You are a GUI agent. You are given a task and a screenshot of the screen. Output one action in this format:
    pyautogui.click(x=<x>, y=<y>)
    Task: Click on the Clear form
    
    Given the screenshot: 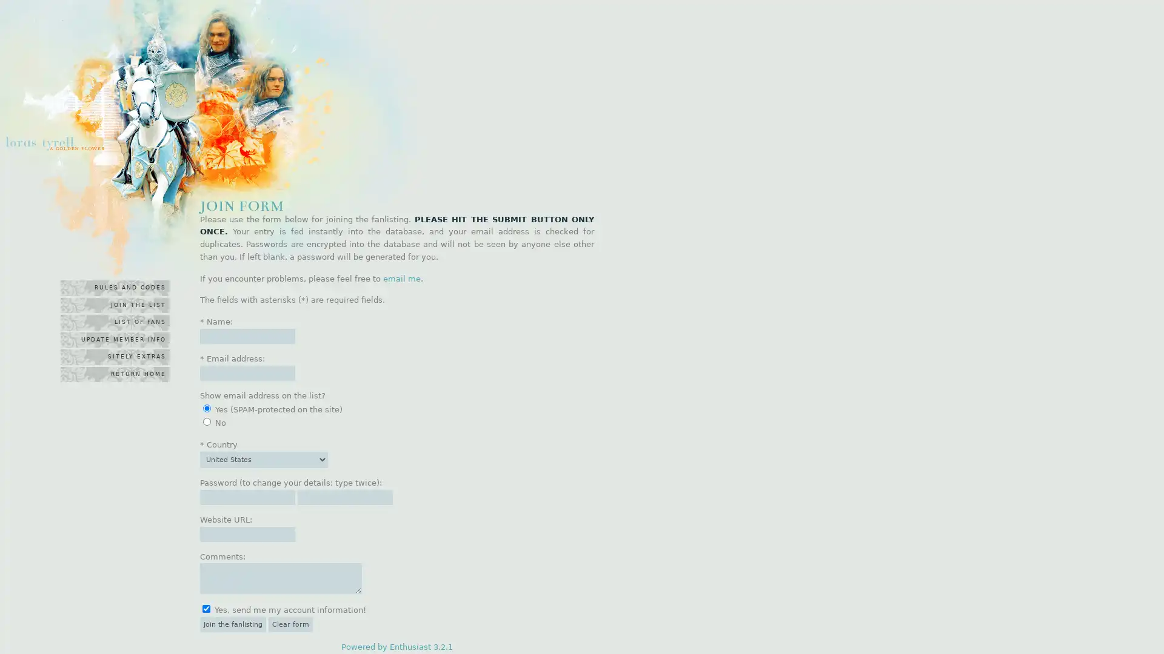 What is the action you would take?
    pyautogui.click(x=290, y=624)
    